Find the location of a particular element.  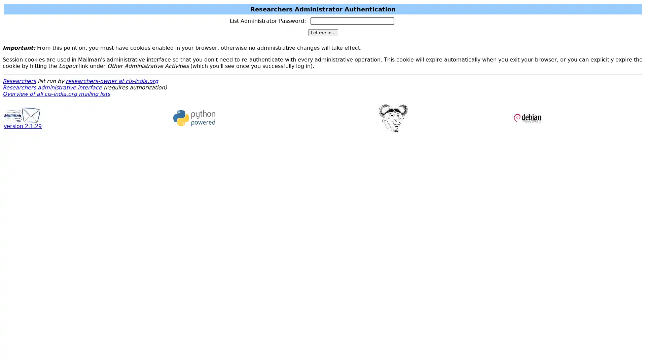

Let me in... is located at coordinates (322, 33).